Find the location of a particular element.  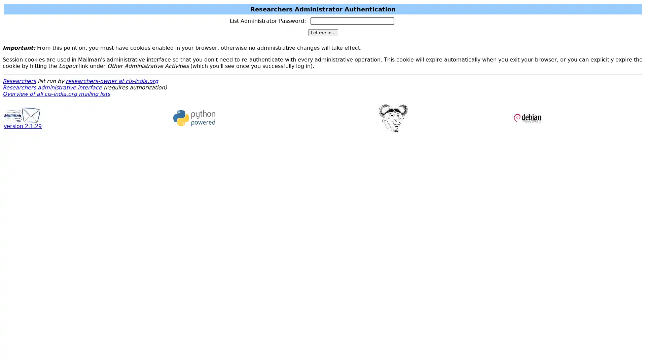

Let me in... is located at coordinates (322, 33).